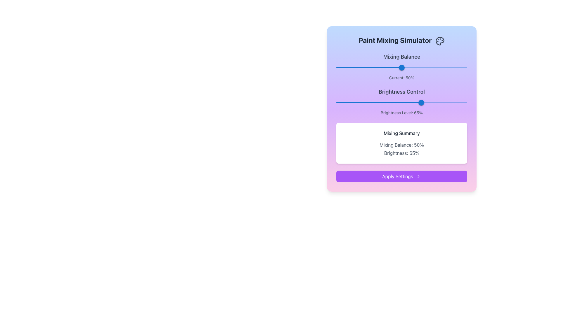 This screenshot has width=561, height=315. Describe the element at coordinates (420, 67) in the screenshot. I see `the Mixing Balance slider` at that location.